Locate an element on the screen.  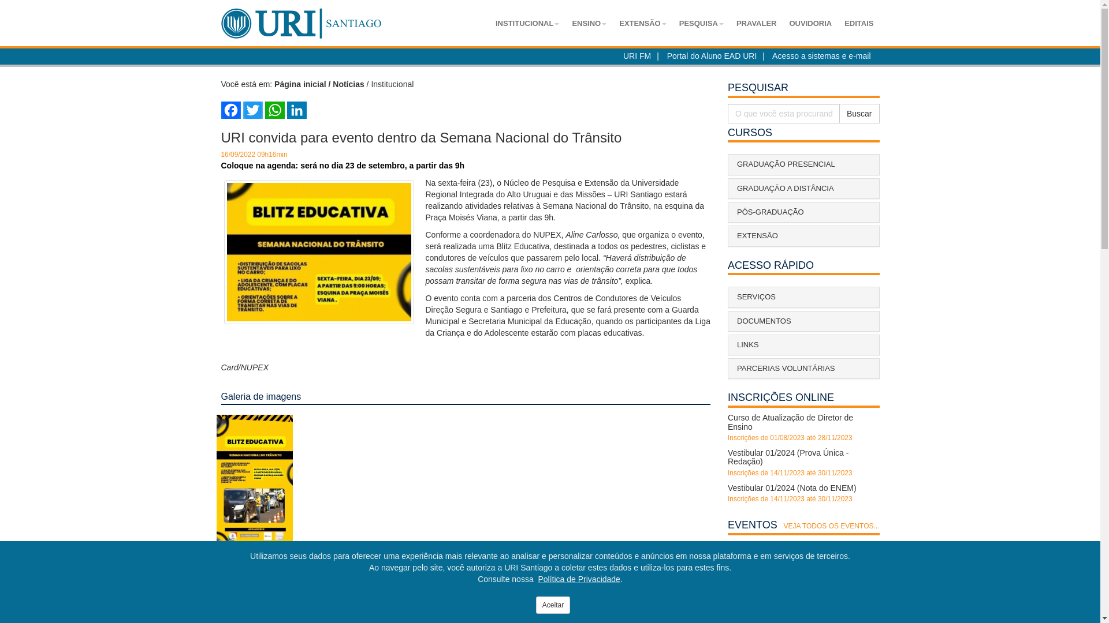
'PESQUISA' is located at coordinates (673, 24).